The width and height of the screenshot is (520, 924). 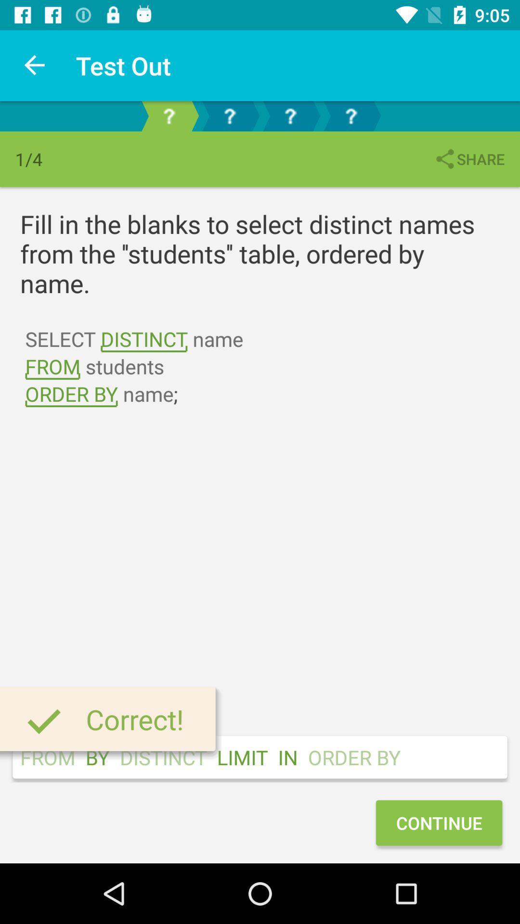 What do you see at coordinates (35, 65) in the screenshot?
I see `item next to the test out icon` at bounding box center [35, 65].